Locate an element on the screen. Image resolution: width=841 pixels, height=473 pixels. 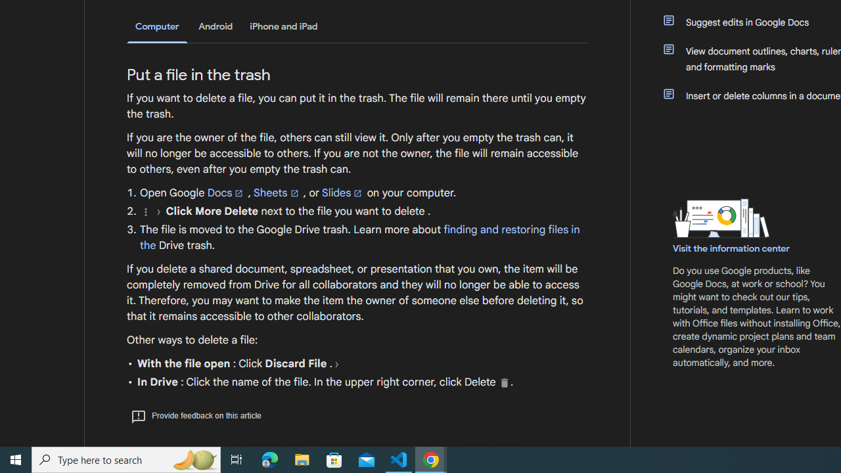
'iPhone and iPad' is located at coordinates (283, 26).